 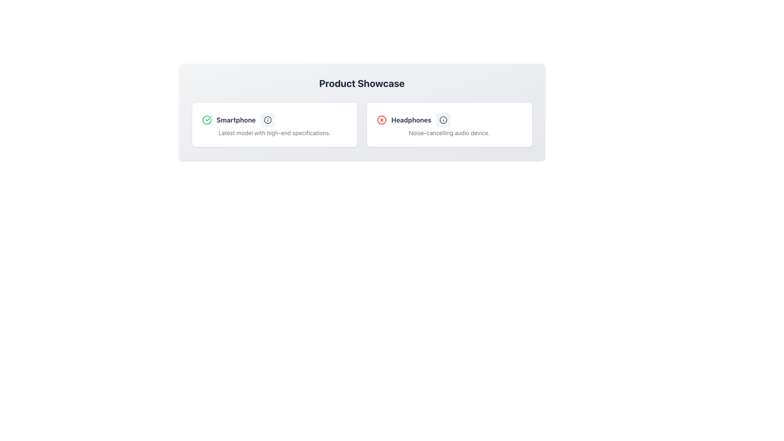 What do you see at coordinates (268, 120) in the screenshot?
I see `the Information icon located on the right side of the text 'Smartphone' within the left card` at bounding box center [268, 120].